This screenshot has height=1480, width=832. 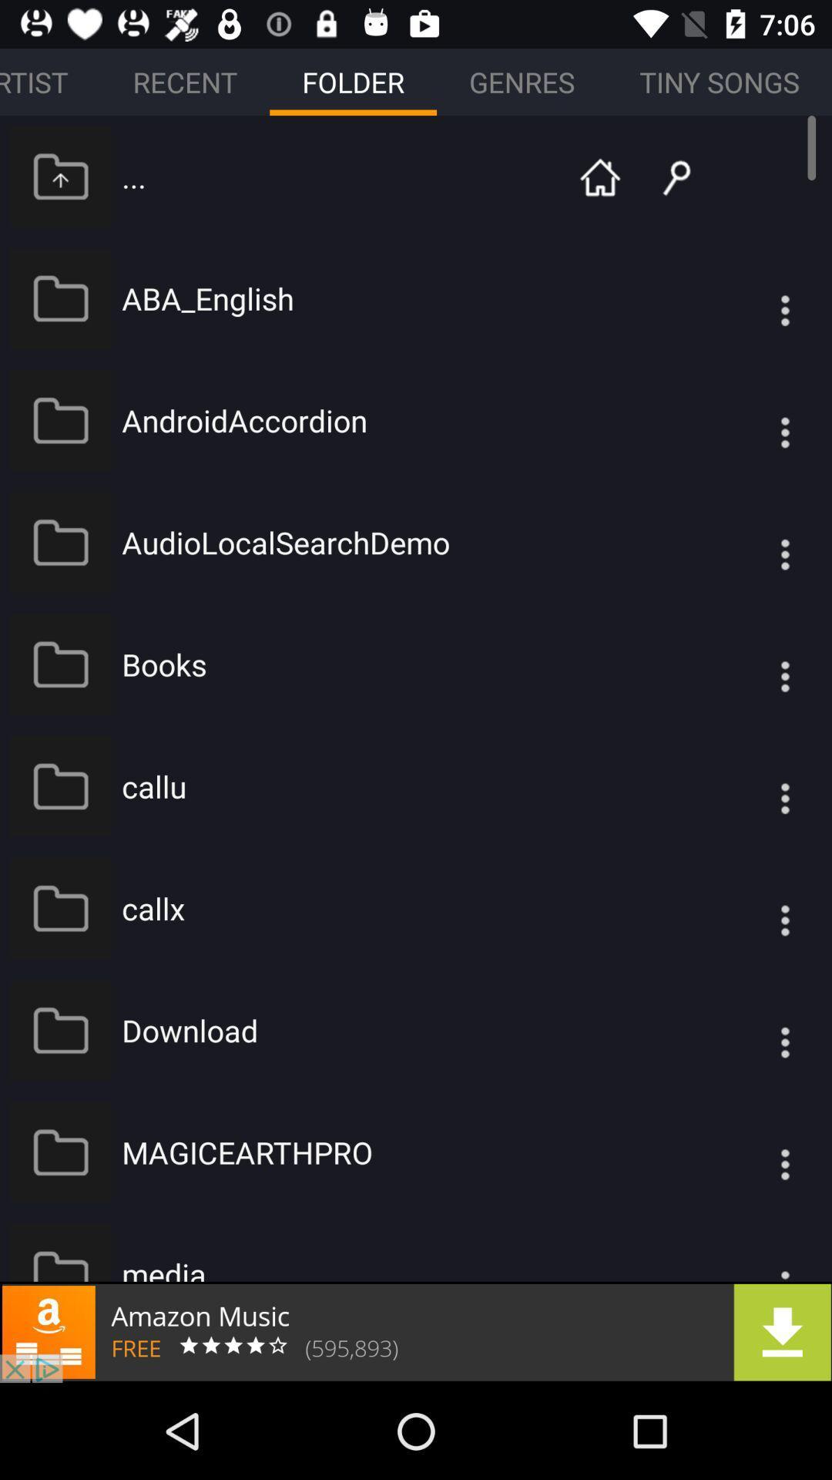 What do you see at coordinates (753, 1030) in the screenshot?
I see `options` at bounding box center [753, 1030].